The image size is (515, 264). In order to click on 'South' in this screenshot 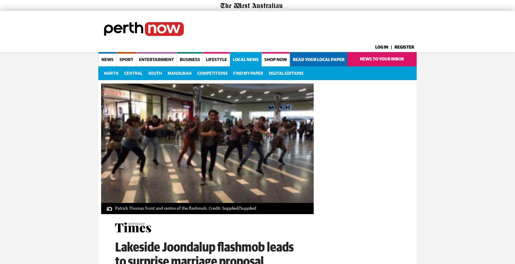, I will do `click(148, 73)`.